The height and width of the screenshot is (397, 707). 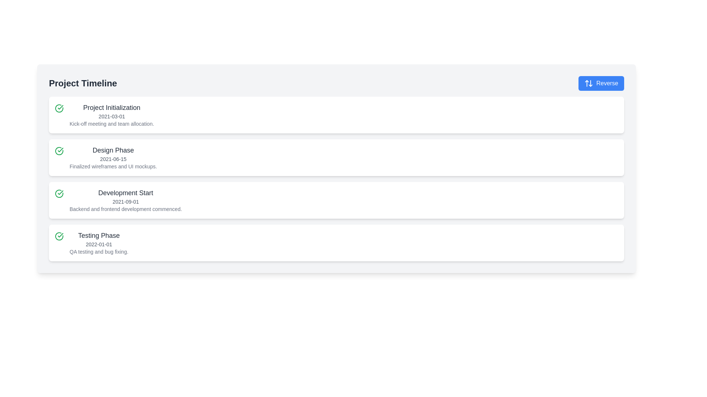 What do you see at coordinates (98, 251) in the screenshot?
I see `the text element that reads 'QA testing and bug fixing.' located in the 'Testing Phase' section beneath the date '2022-01-01'` at bounding box center [98, 251].